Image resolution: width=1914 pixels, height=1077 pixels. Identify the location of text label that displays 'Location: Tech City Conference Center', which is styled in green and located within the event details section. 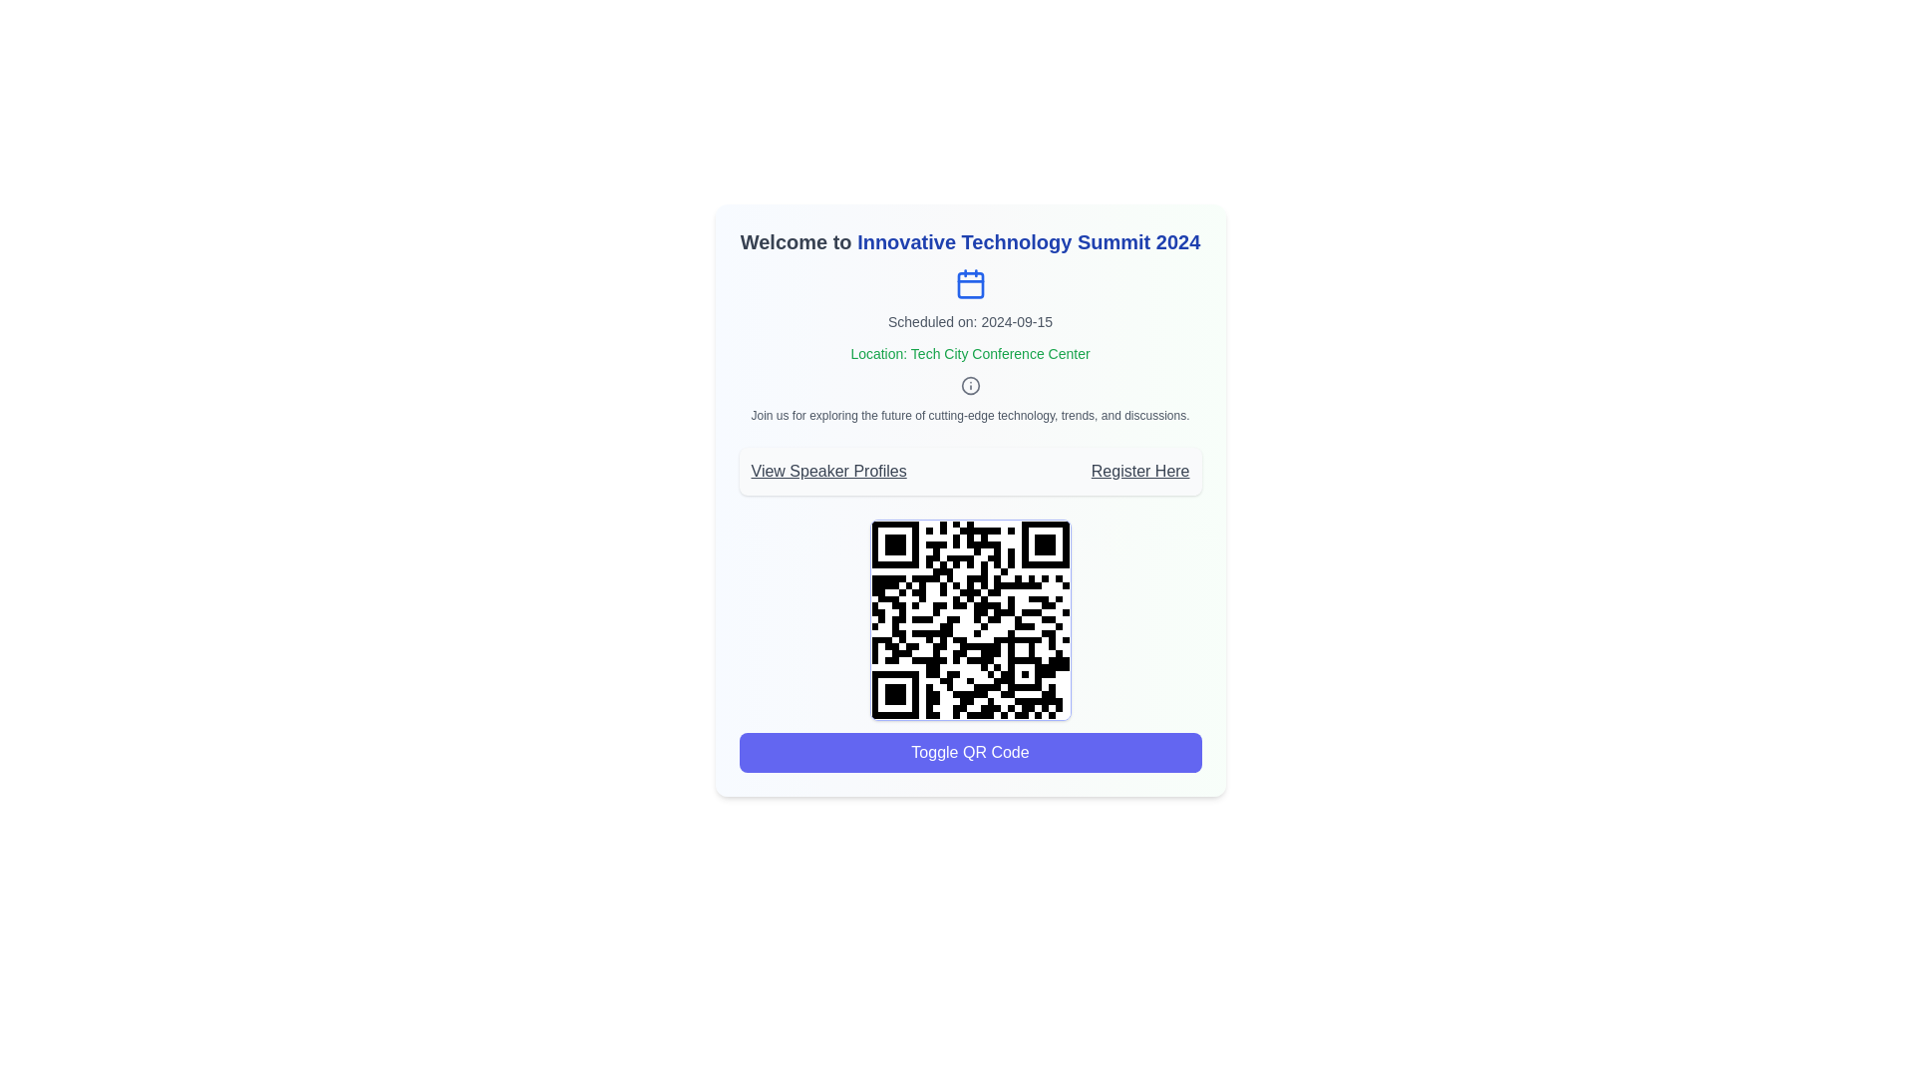
(970, 352).